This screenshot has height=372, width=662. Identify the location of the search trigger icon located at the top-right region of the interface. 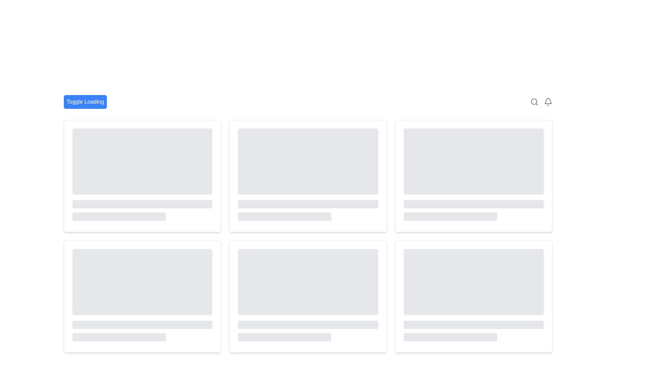
(534, 102).